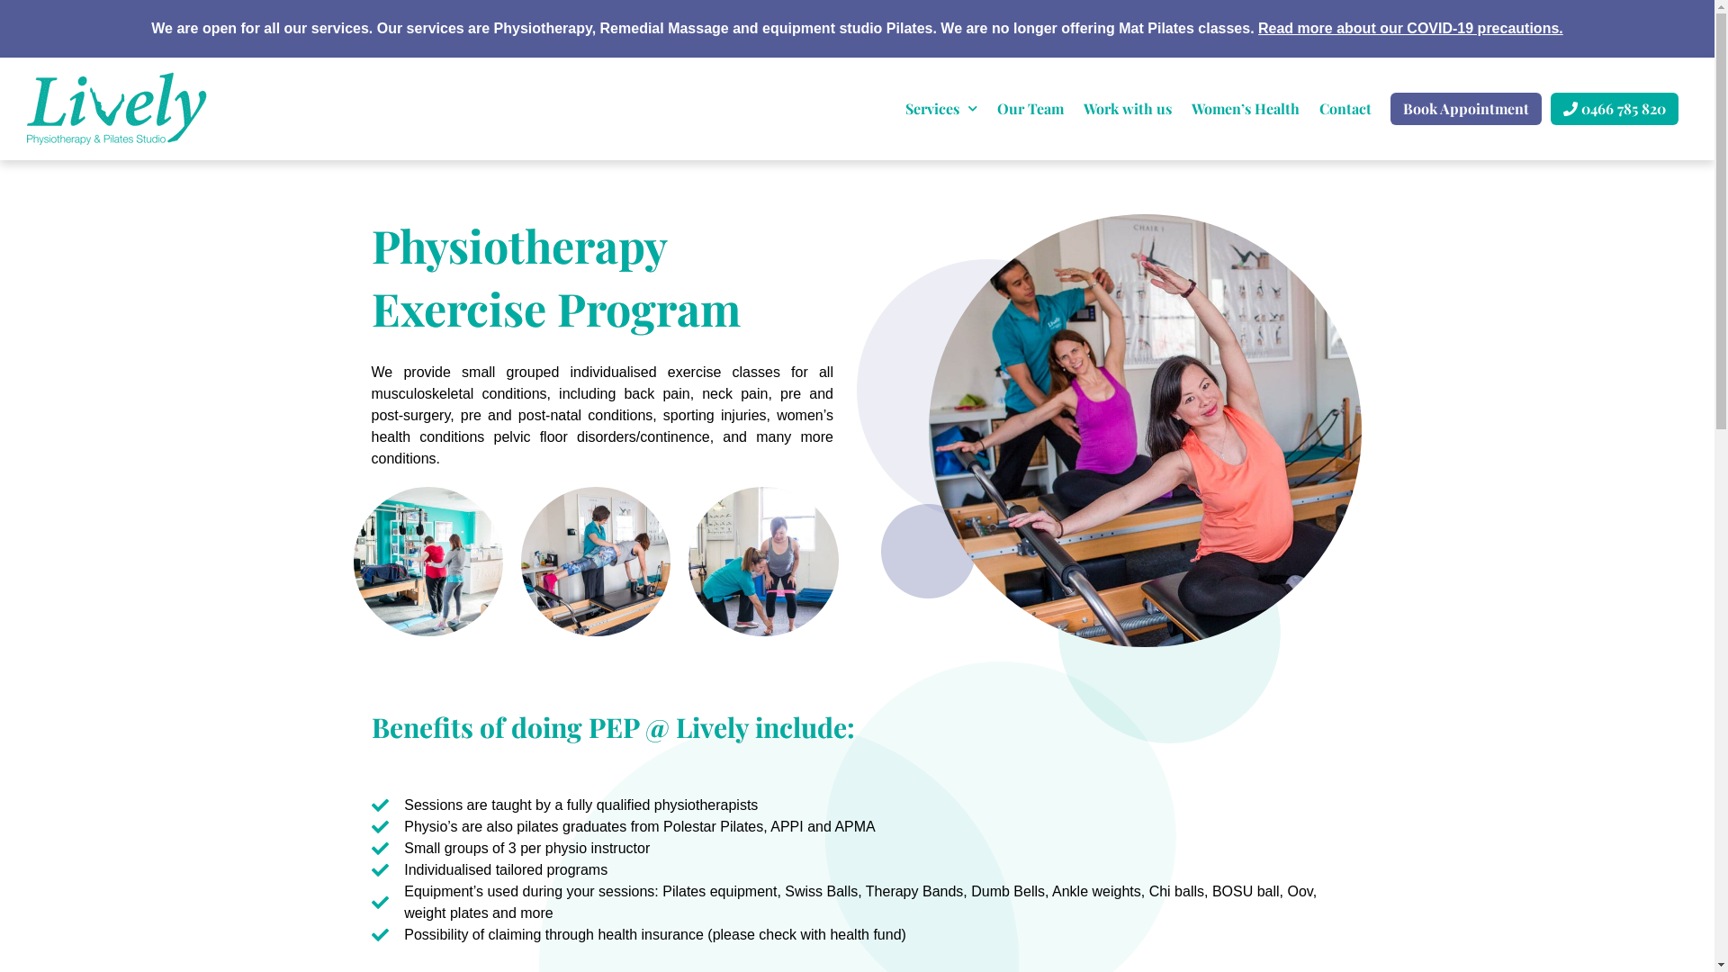 This screenshot has height=972, width=1728. Describe the element at coordinates (1409, 28) in the screenshot. I see `'Read more about our COVID-19 precautions.'` at that location.